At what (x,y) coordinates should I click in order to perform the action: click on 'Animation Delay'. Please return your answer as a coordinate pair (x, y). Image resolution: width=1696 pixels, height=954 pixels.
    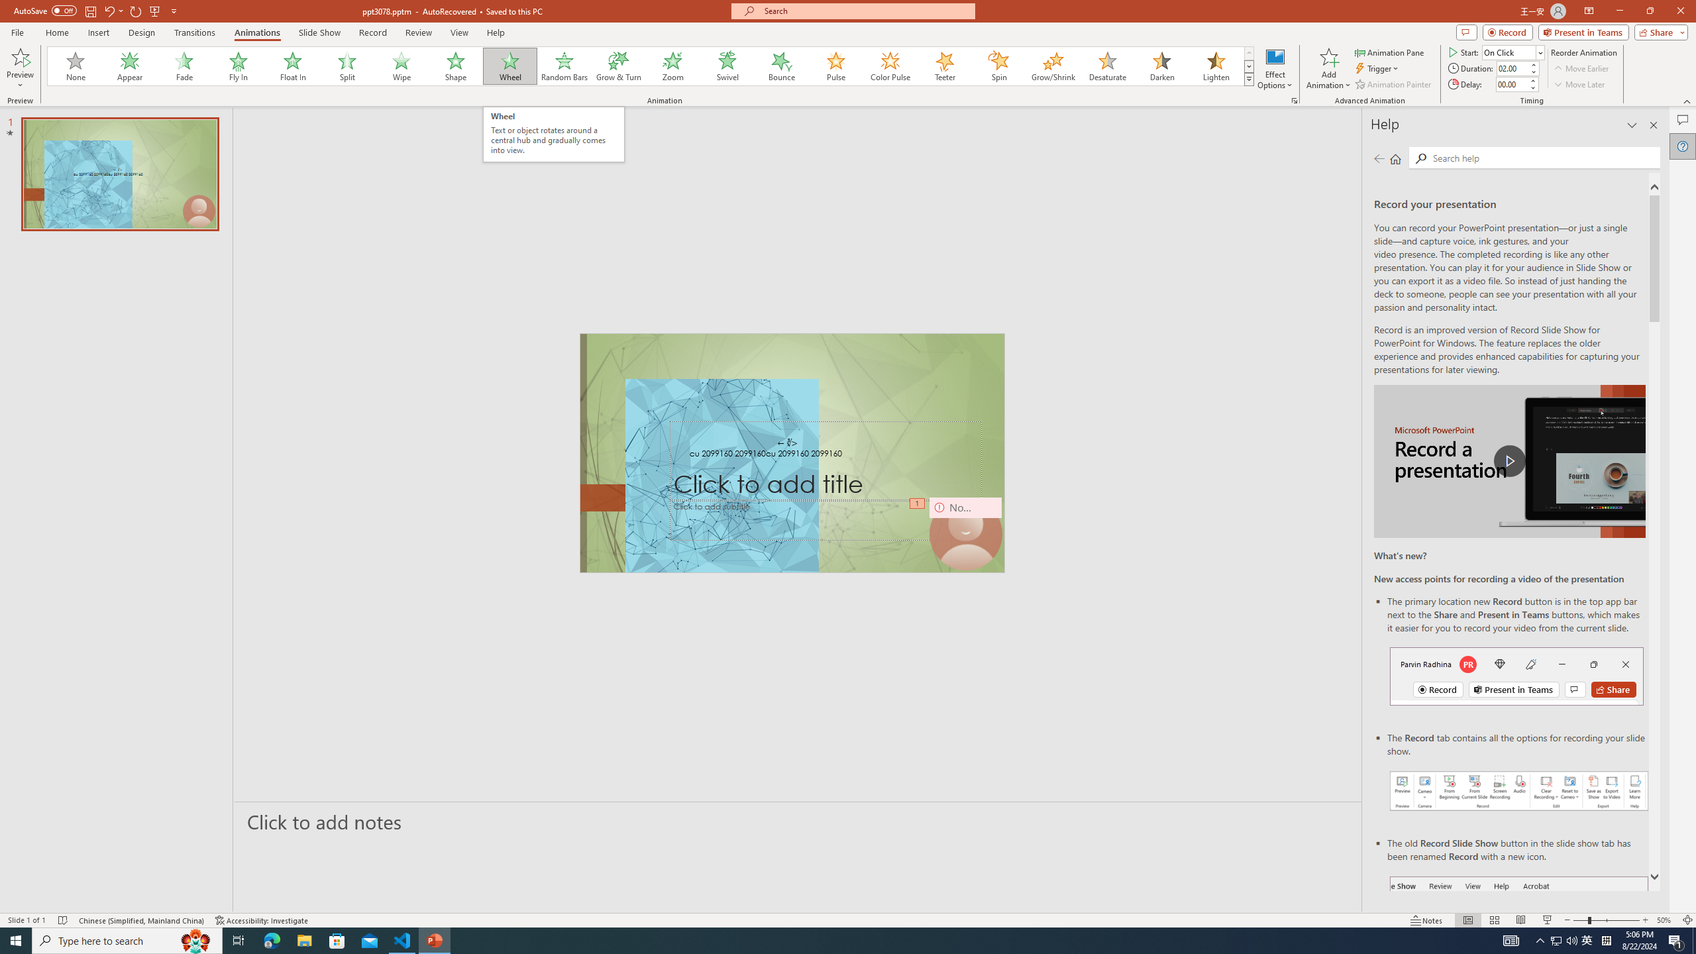
    Looking at the image, I should click on (1510, 83).